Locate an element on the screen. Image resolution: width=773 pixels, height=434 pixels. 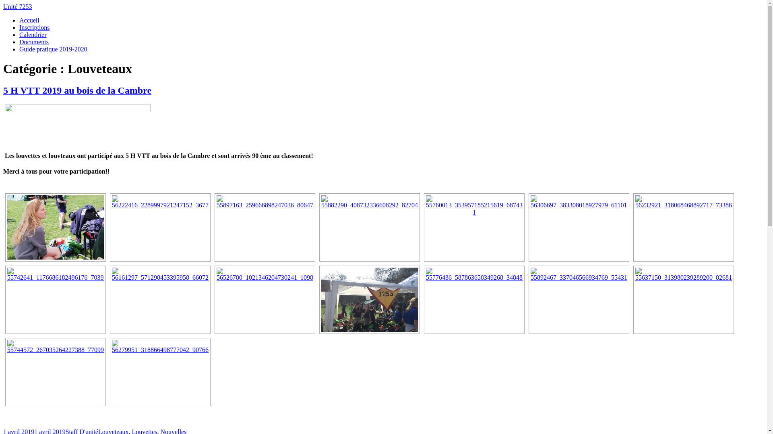
'Guide pratique 2019-2020' is located at coordinates (19, 49).